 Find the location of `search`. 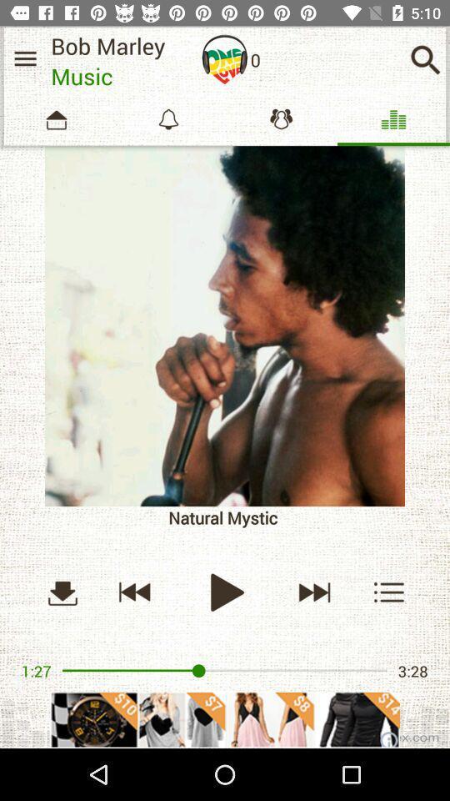

search is located at coordinates (425, 59).